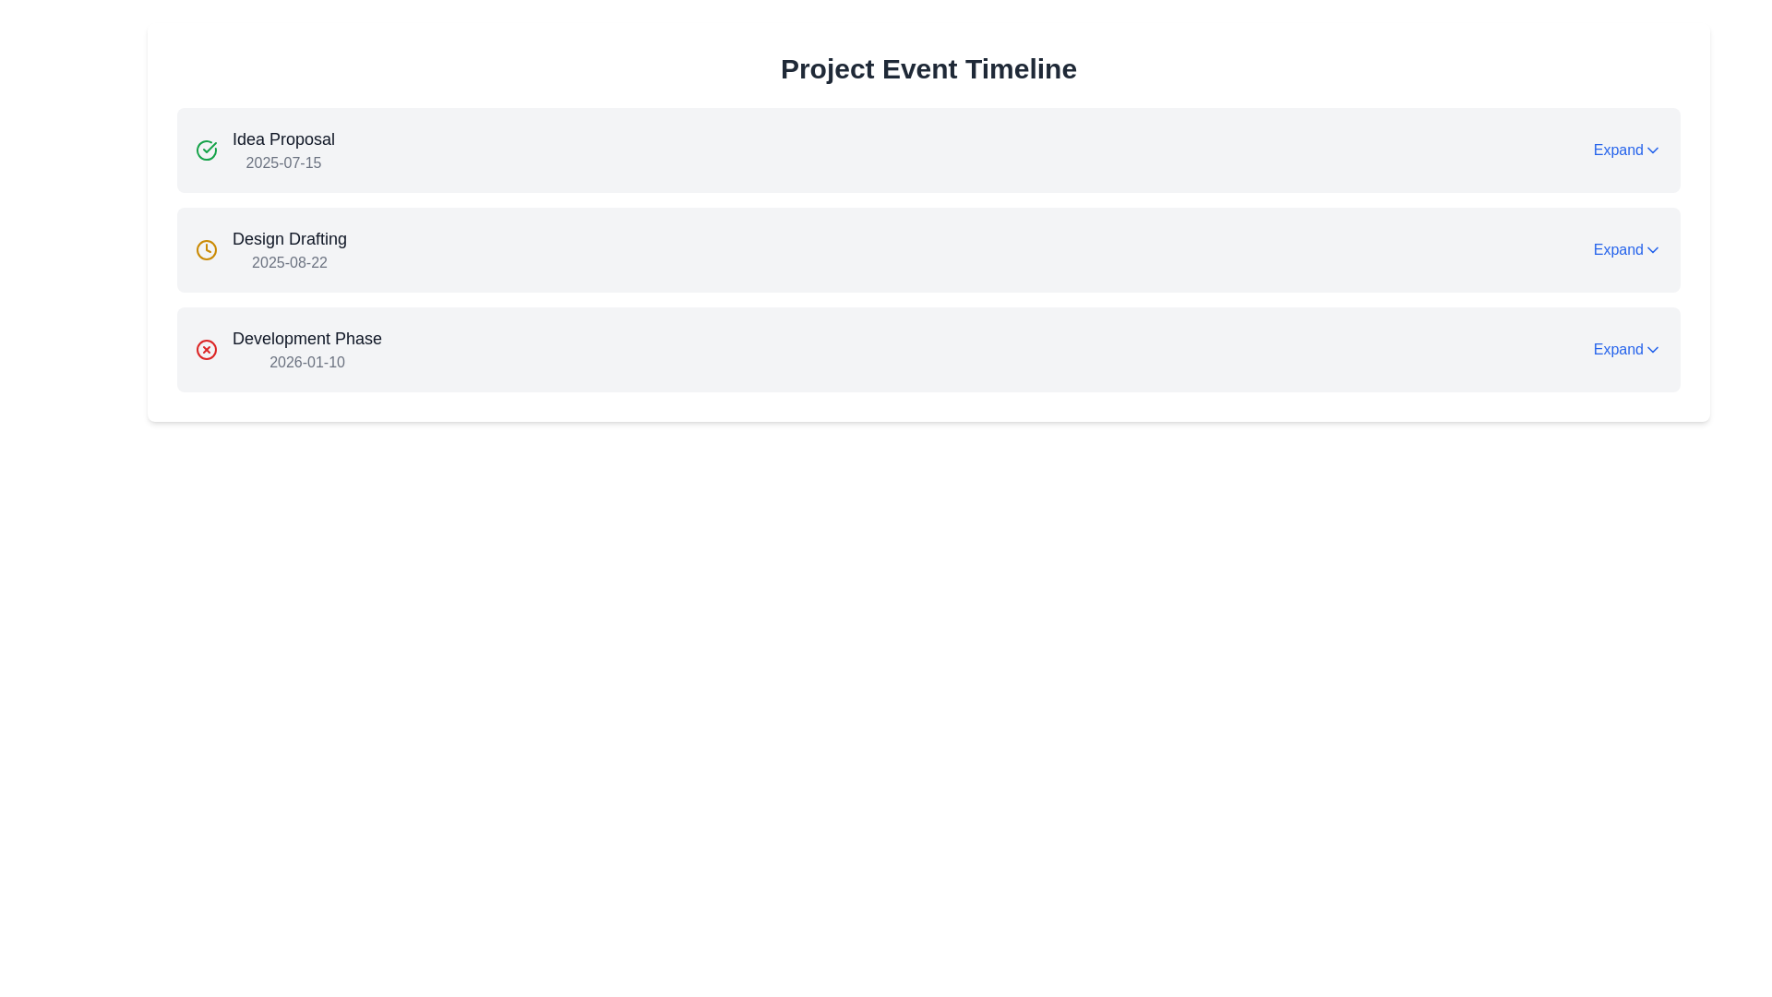 The width and height of the screenshot is (1772, 997). Describe the element at coordinates (307, 349) in the screenshot. I see `text display element showing 'Development Phase' and the date '2026-01-10', located on the rightmost side of the third row of the timeline table` at that location.